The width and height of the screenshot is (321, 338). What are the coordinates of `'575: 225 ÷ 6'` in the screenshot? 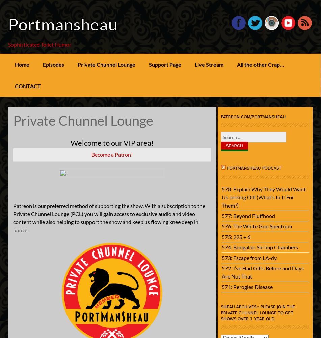 It's located at (235, 236).